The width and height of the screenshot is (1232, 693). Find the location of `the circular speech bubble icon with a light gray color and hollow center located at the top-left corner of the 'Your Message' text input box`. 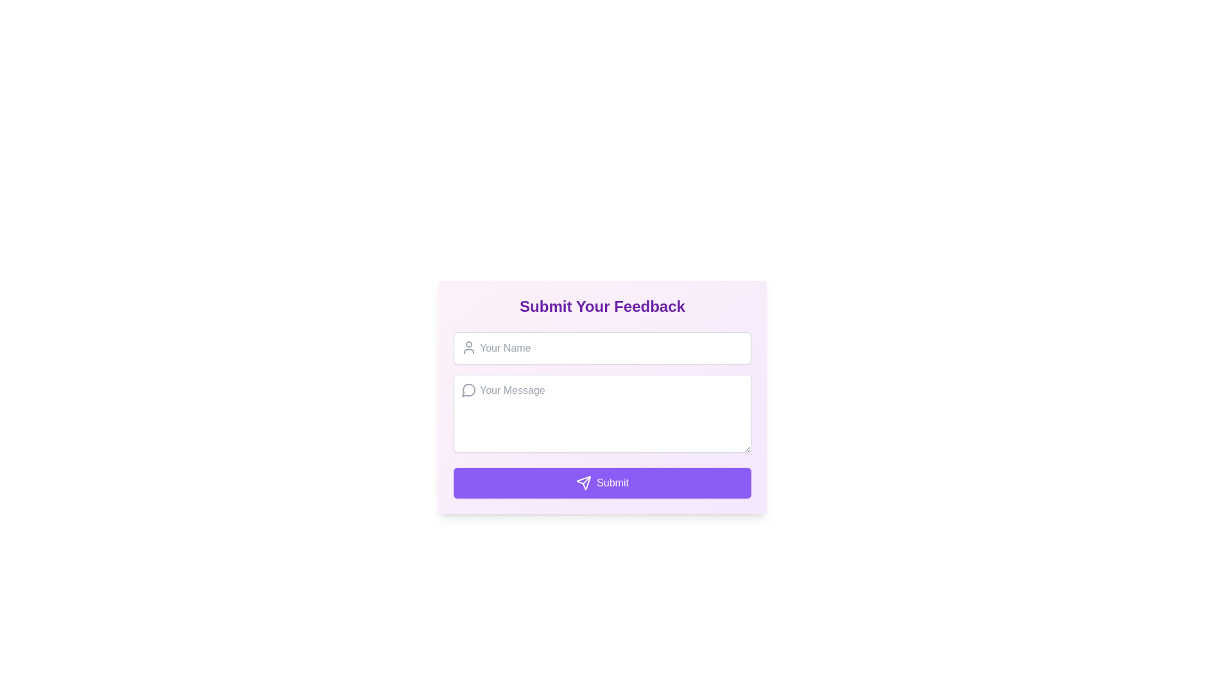

the circular speech bubble icon with a light gray color and hollow center located at the top-left corner of the 'Your Message' text input box is located at coordinates (468, 389).